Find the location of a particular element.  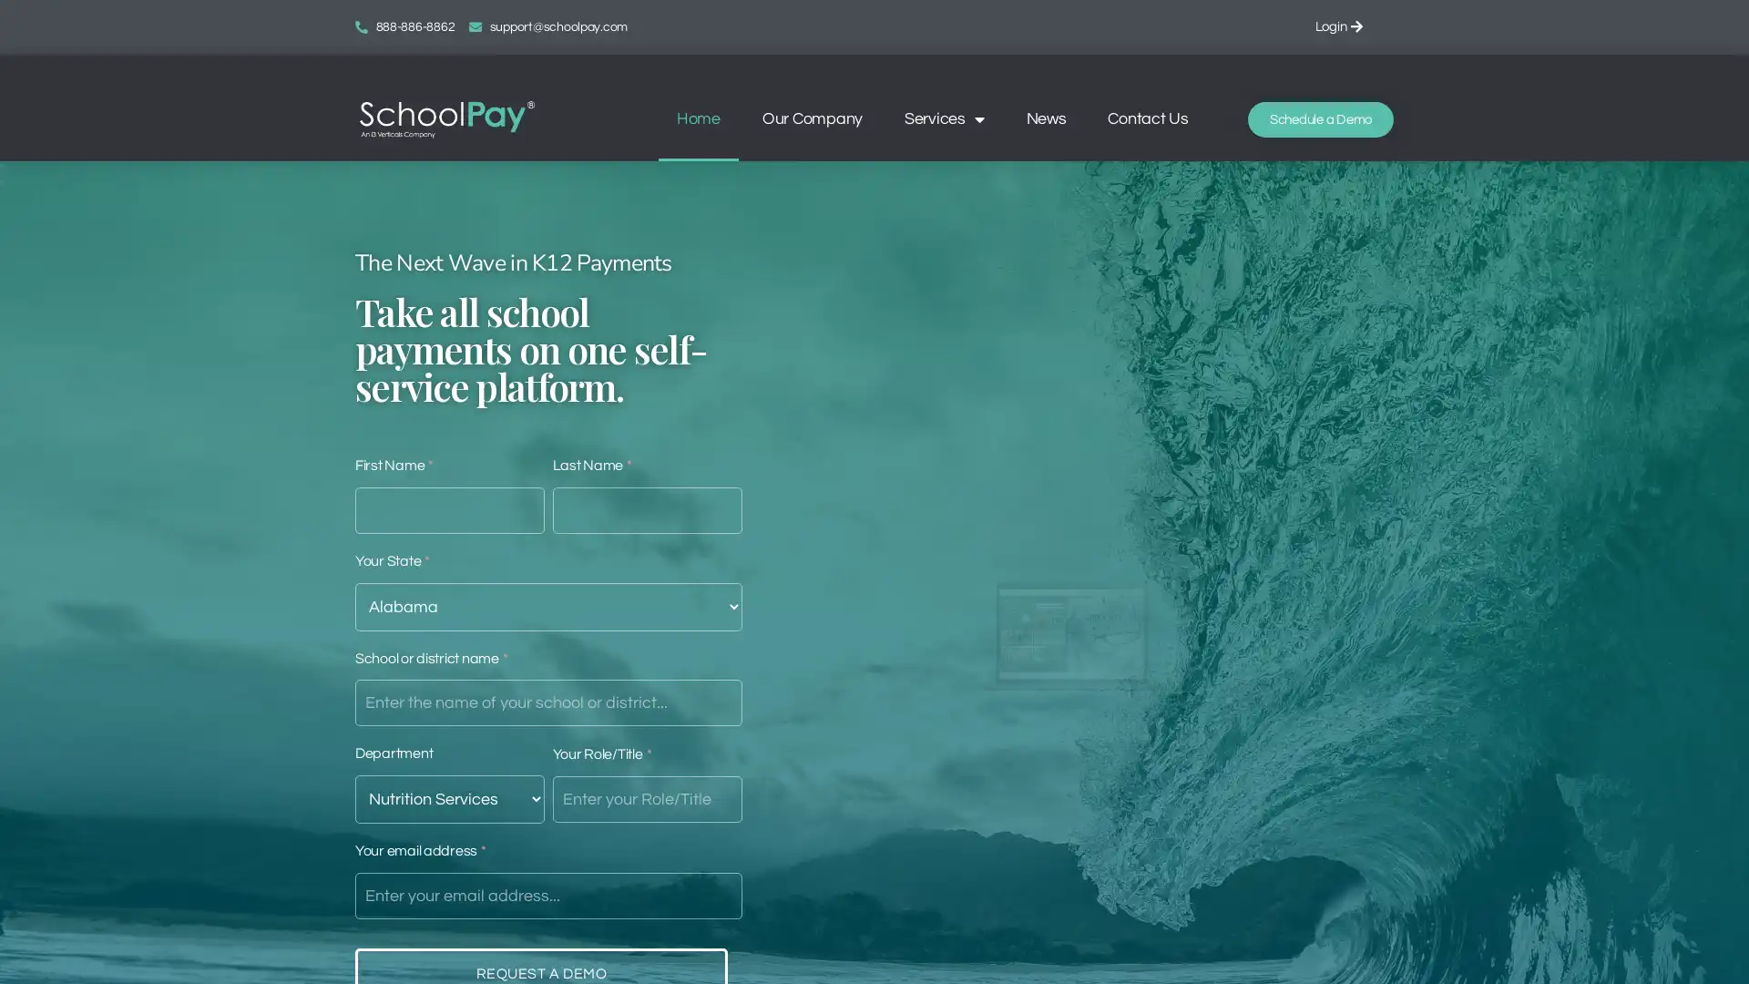

Schedule a Demo is located at coordinates (1320, 118).